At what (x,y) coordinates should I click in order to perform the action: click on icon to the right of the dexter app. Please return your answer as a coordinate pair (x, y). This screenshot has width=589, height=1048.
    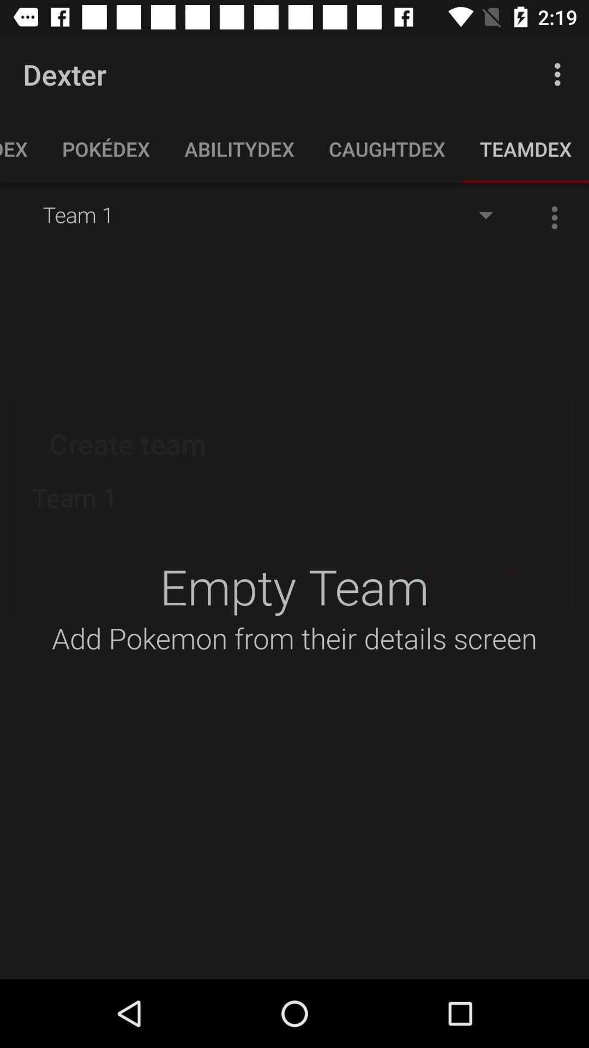
    Looking at the image, I should click on (560, 74).